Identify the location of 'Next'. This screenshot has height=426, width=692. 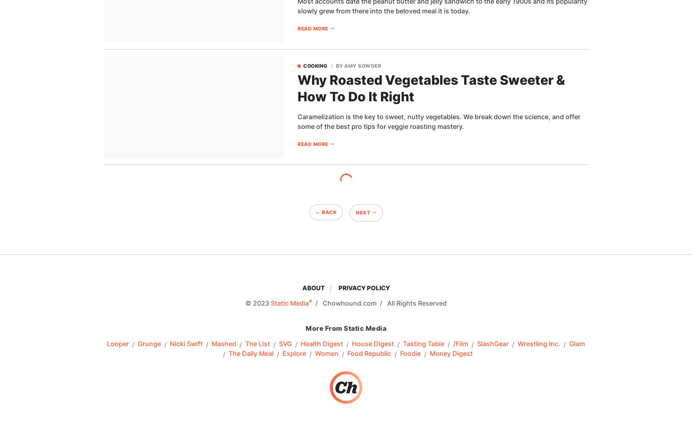
(362, 212).